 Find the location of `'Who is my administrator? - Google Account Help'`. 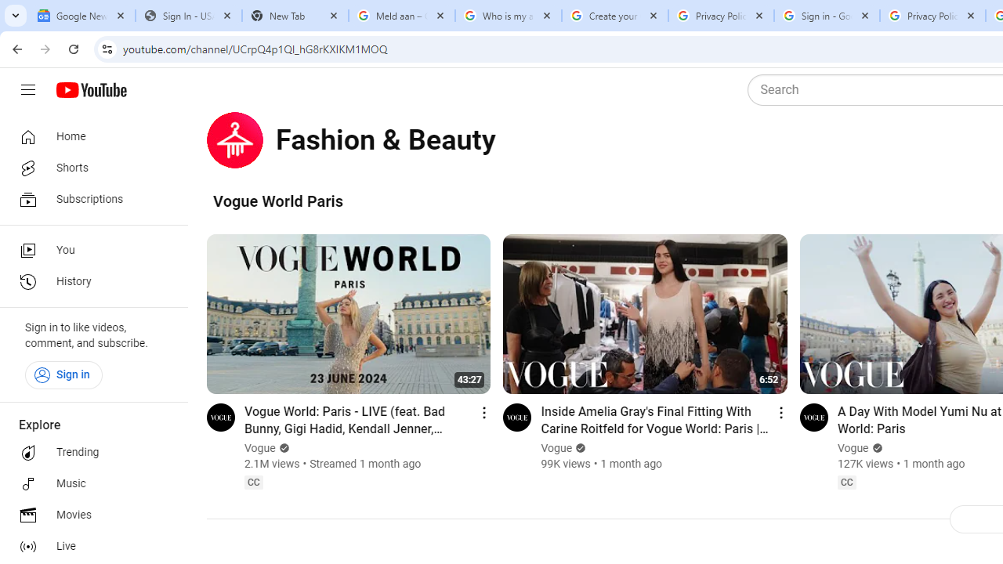

'Who is my administrator? - Google Account Help' is located at coordinates (508, 16).